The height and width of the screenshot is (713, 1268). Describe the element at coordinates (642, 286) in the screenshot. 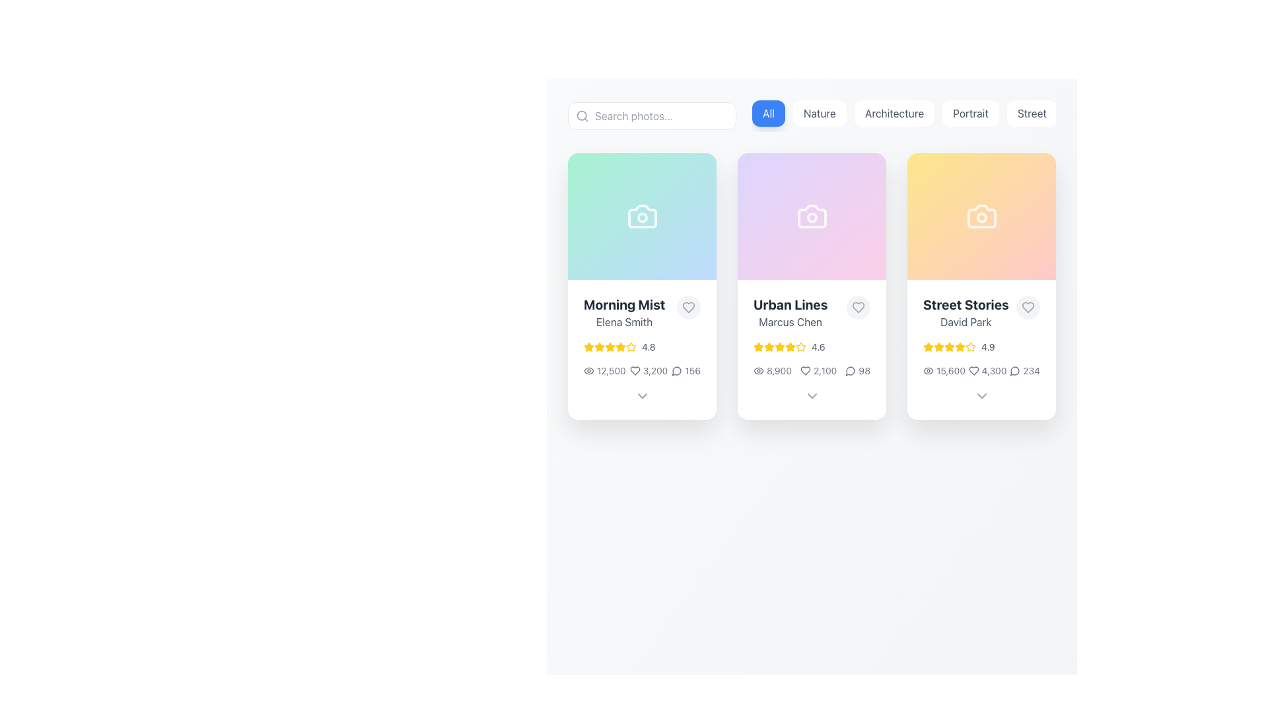

I see `the first clickable card element` at that location.